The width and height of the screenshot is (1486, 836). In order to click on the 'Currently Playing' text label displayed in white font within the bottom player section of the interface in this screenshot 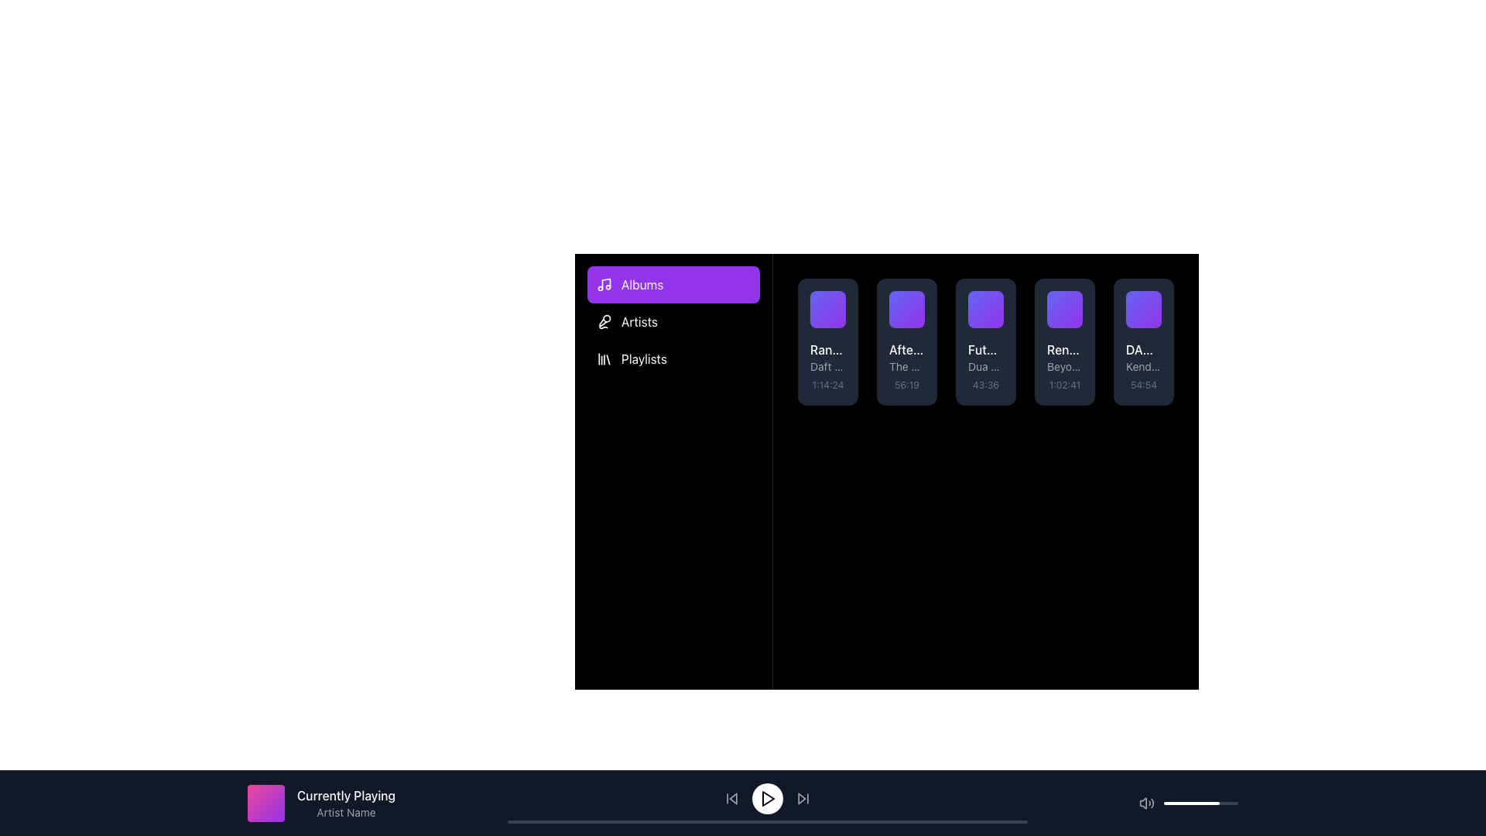, I will do `click(345, 796)`.